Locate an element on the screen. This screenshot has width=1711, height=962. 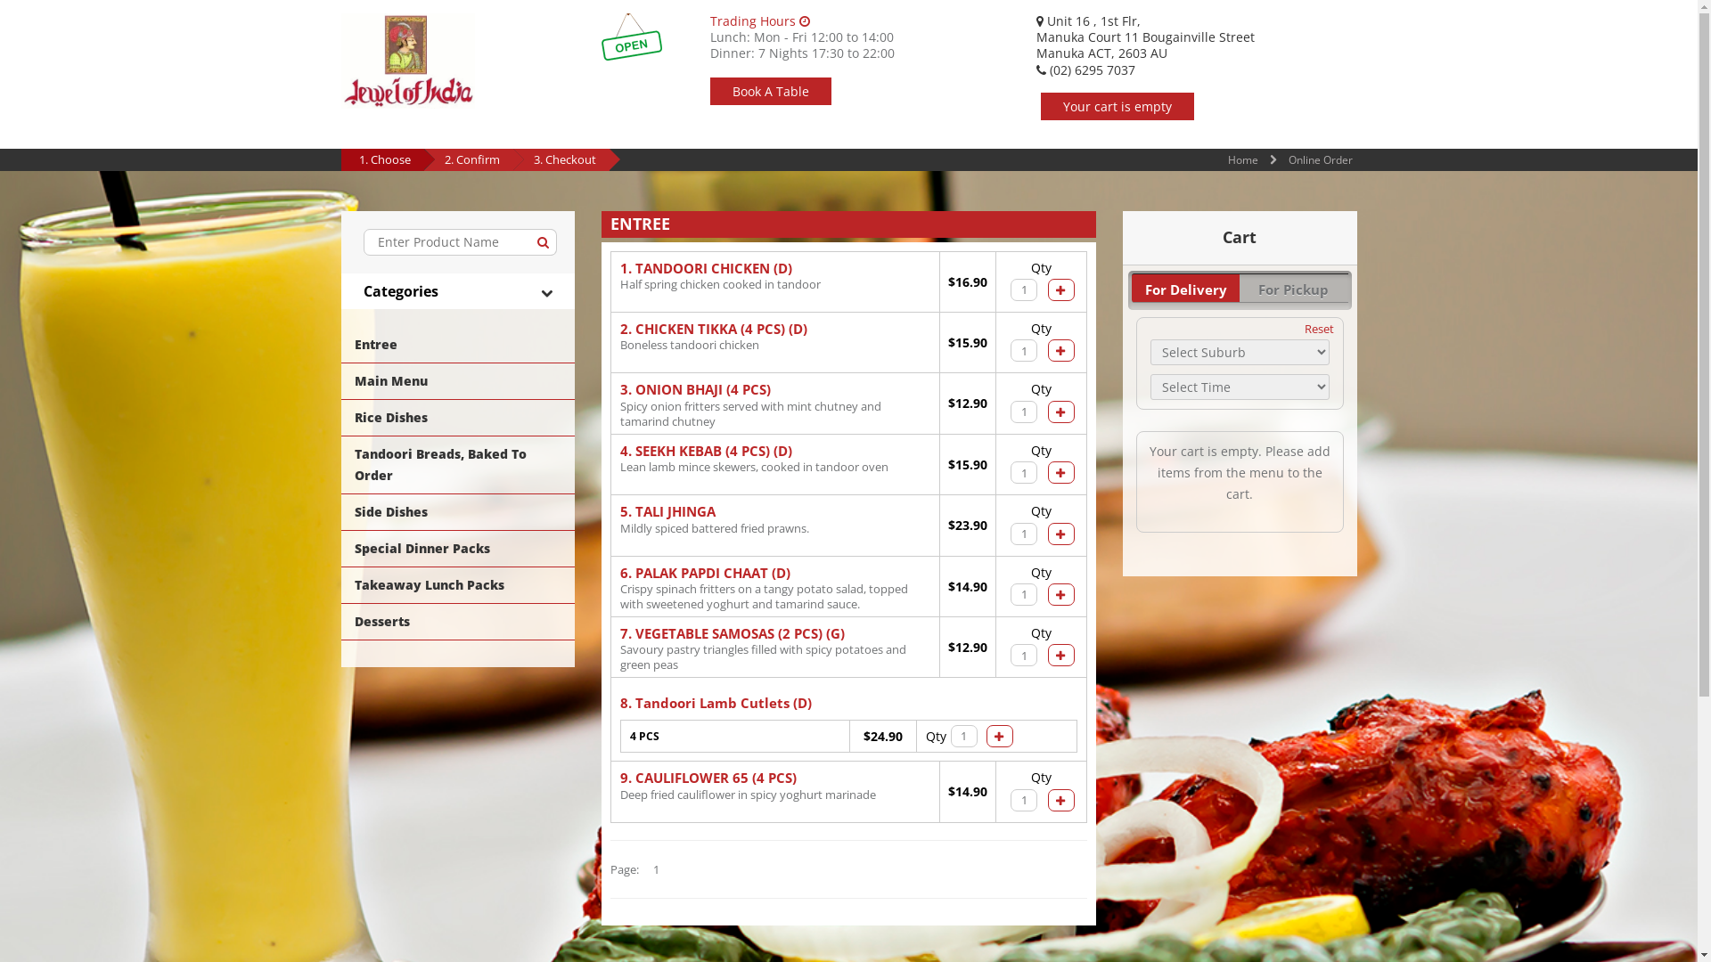
'Jewel of India ' is located at coordinates (405, 60).